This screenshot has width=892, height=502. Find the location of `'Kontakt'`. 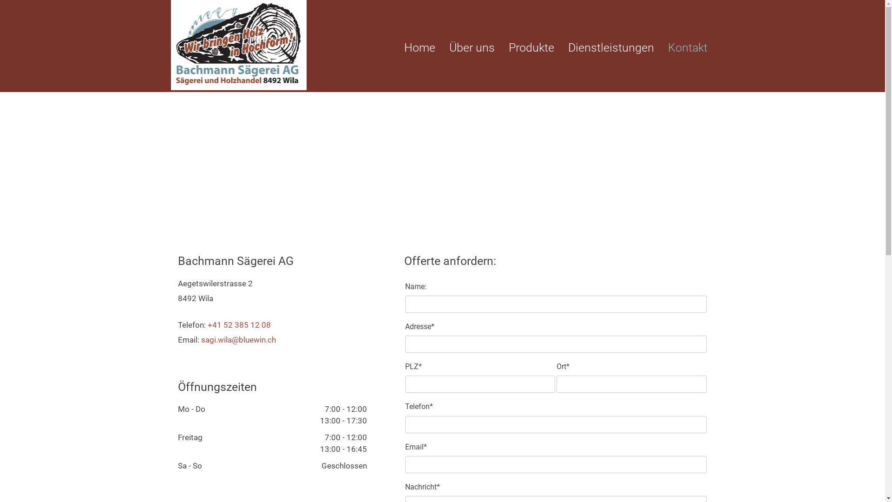

'Kontakt' is located at coordinates (668, 48).